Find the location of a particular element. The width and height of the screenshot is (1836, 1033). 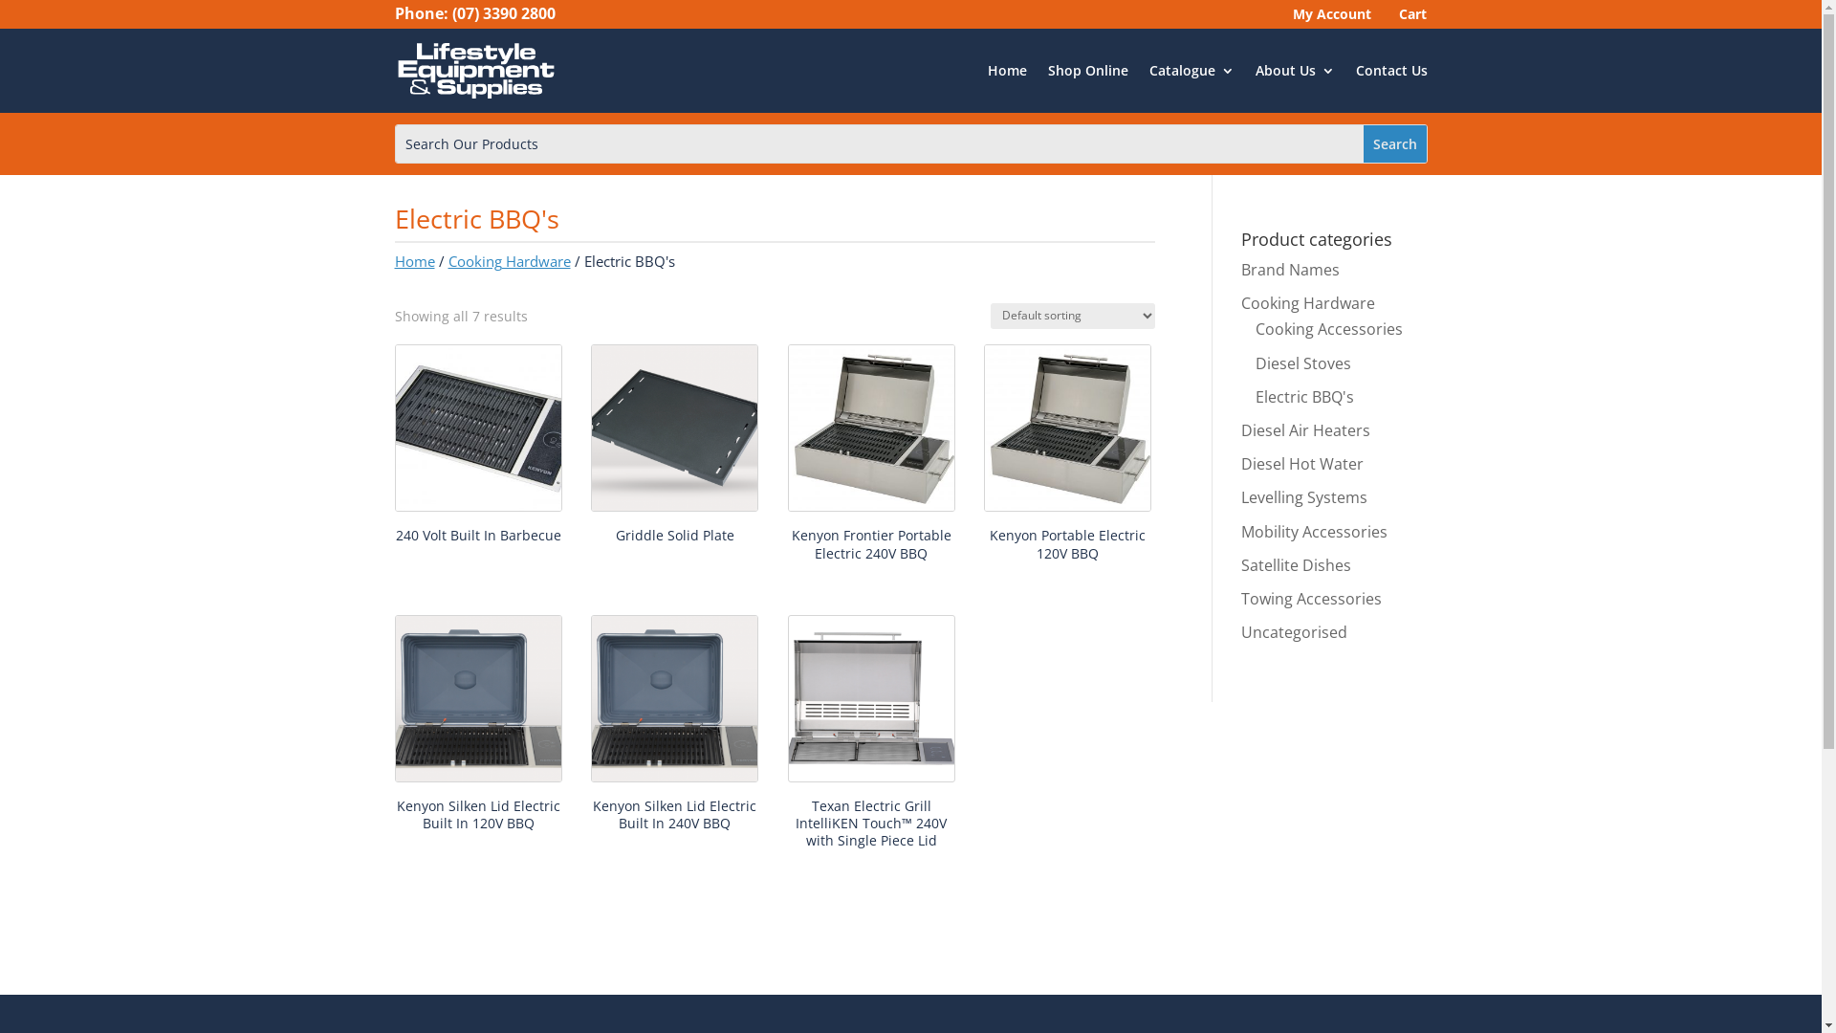

'Griddle Solid Plate' is located at coordinates (674, 448).